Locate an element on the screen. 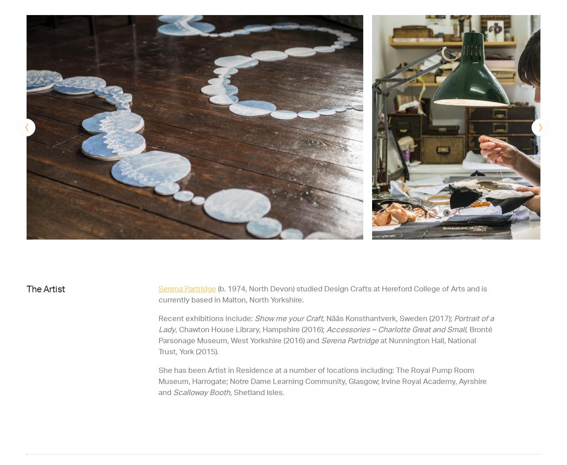 The image size is (567, 465). 'Scalloway Booth' is located at coordinates (200, 391).